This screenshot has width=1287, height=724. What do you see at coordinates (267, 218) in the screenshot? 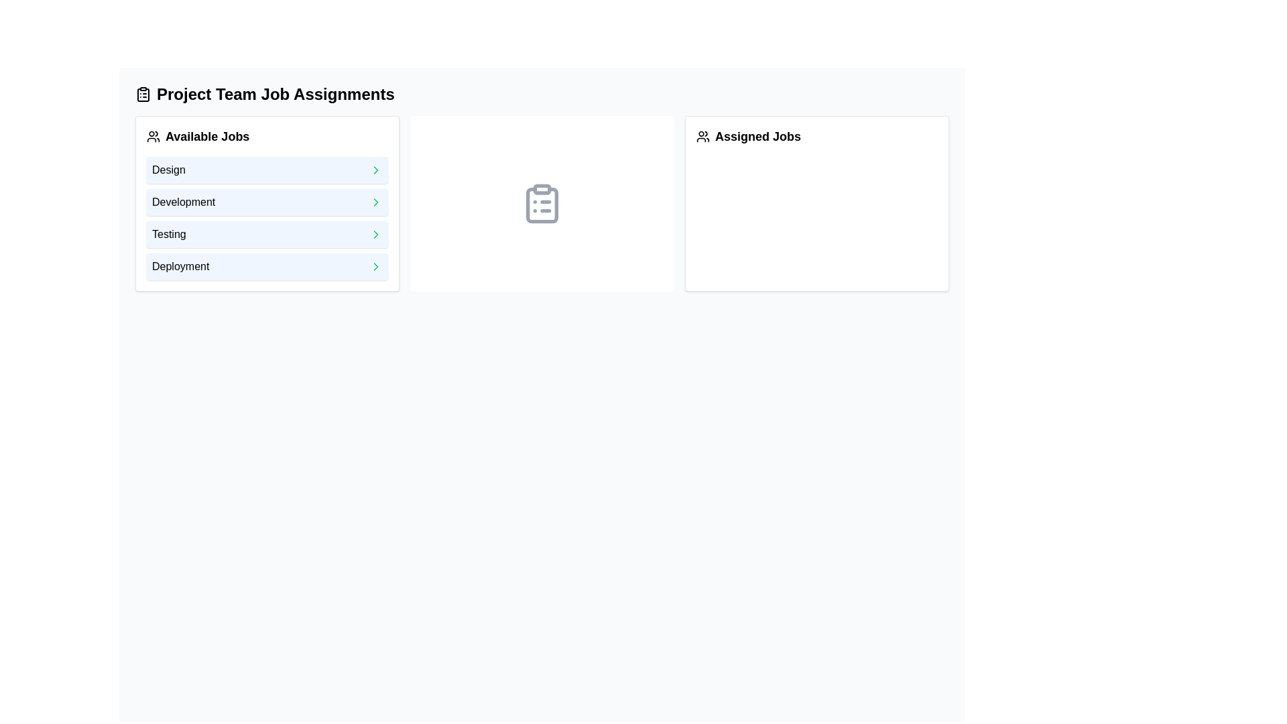
I see `the 'Testing' row in the 'Available Jobs' section` at bounding box center [267, 218].